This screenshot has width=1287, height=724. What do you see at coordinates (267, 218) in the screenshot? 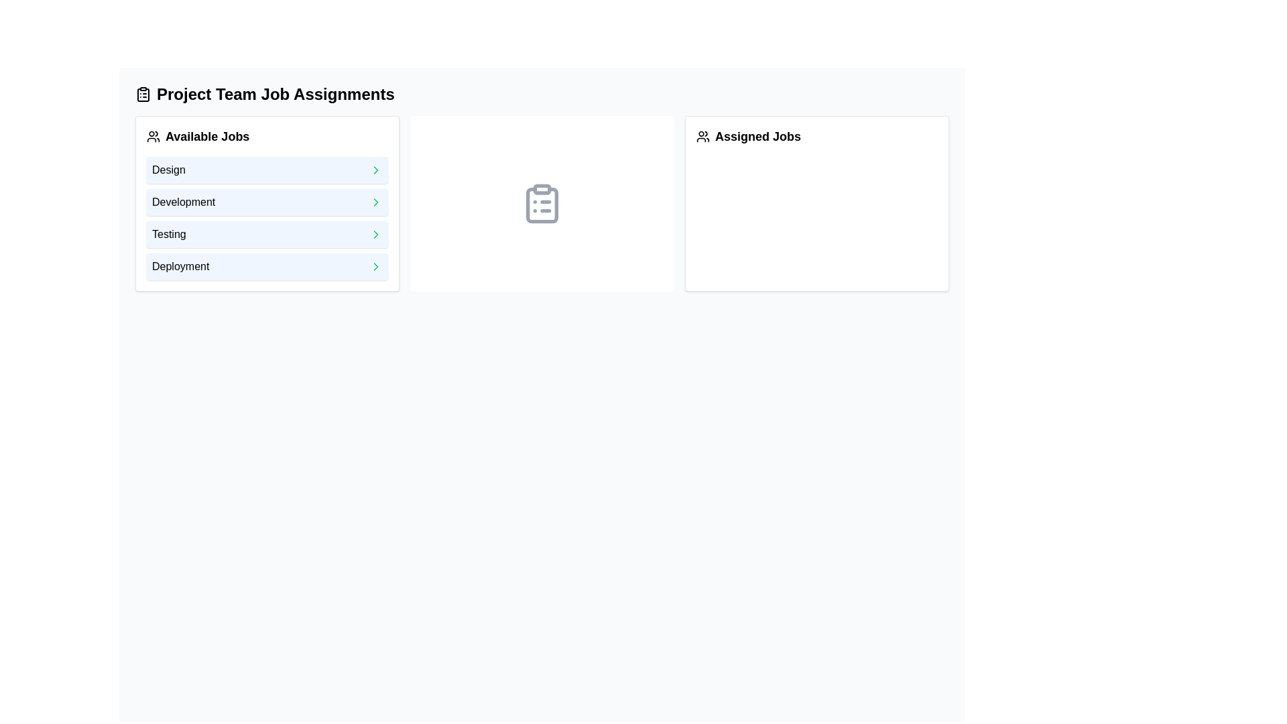
I see `the 'Testing' row in the 'Available Jobs' section` at bounding box center [267, 218].